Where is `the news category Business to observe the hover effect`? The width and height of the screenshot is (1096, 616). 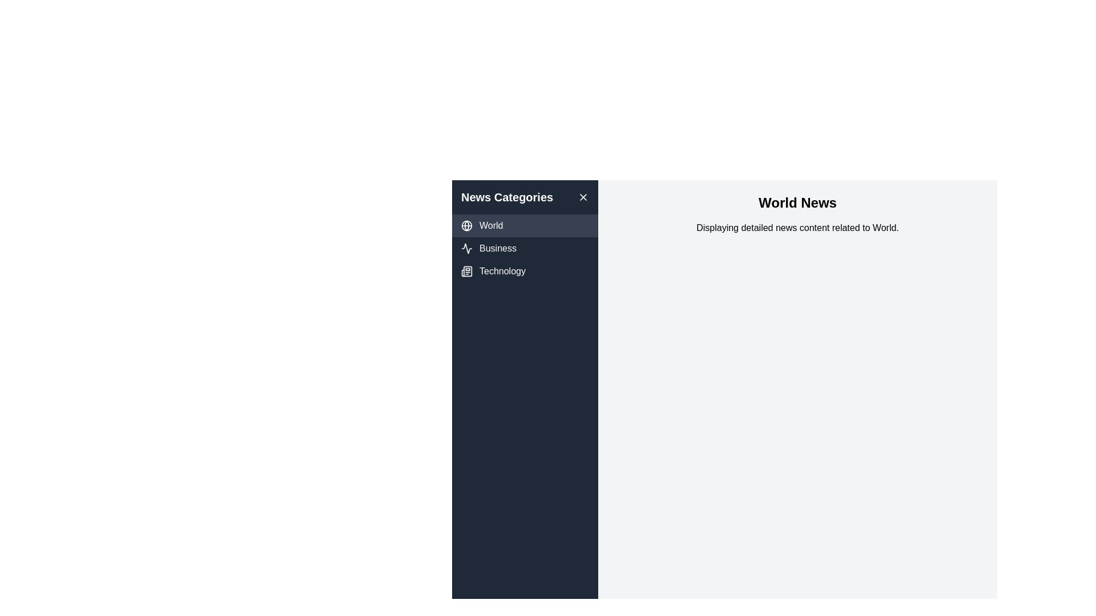
the news category Business to observe the hover effect is located at coordinates (525, 248).